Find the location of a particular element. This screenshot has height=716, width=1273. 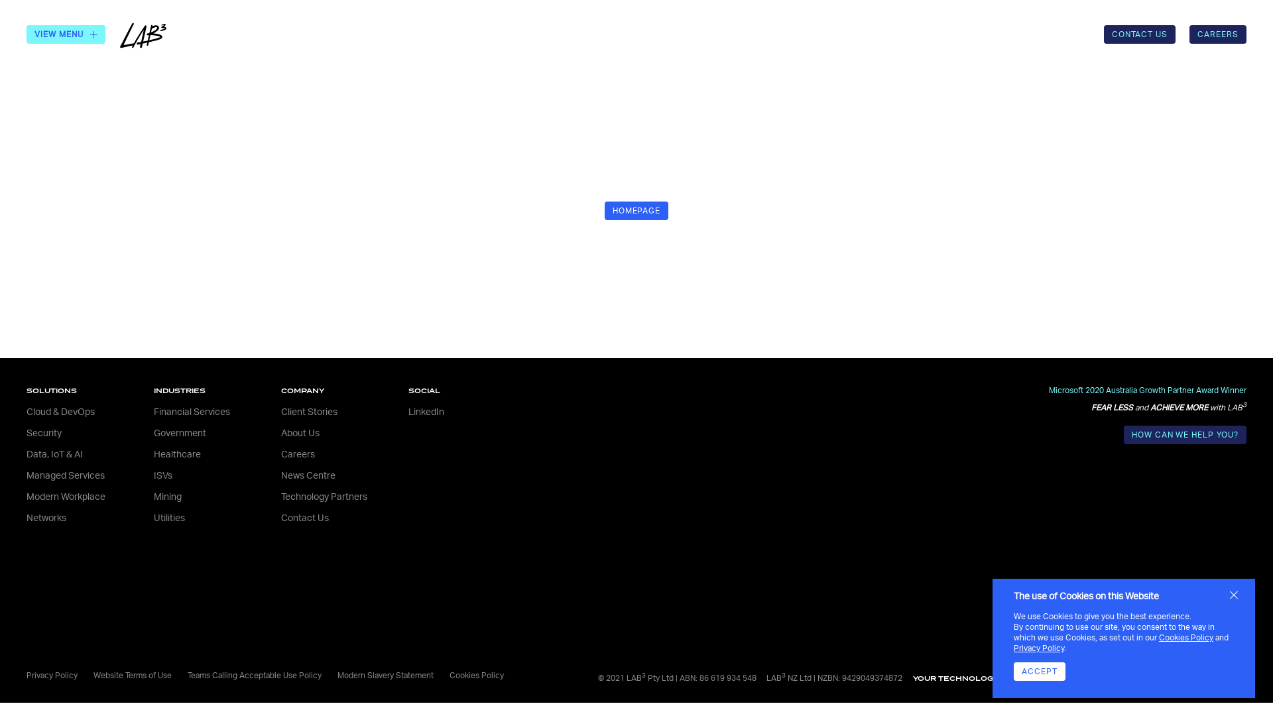

'News Centre' is located at coordinates (308, 475).